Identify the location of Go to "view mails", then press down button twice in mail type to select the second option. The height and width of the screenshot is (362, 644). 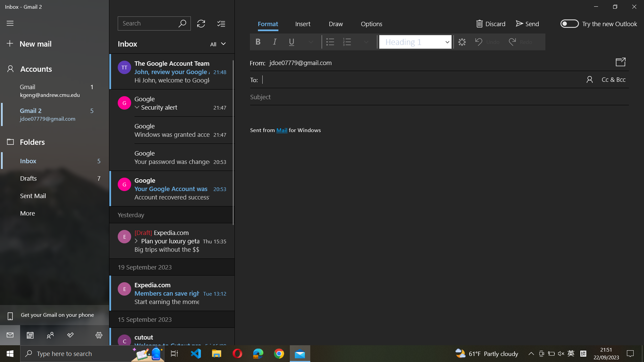
(217, 44).